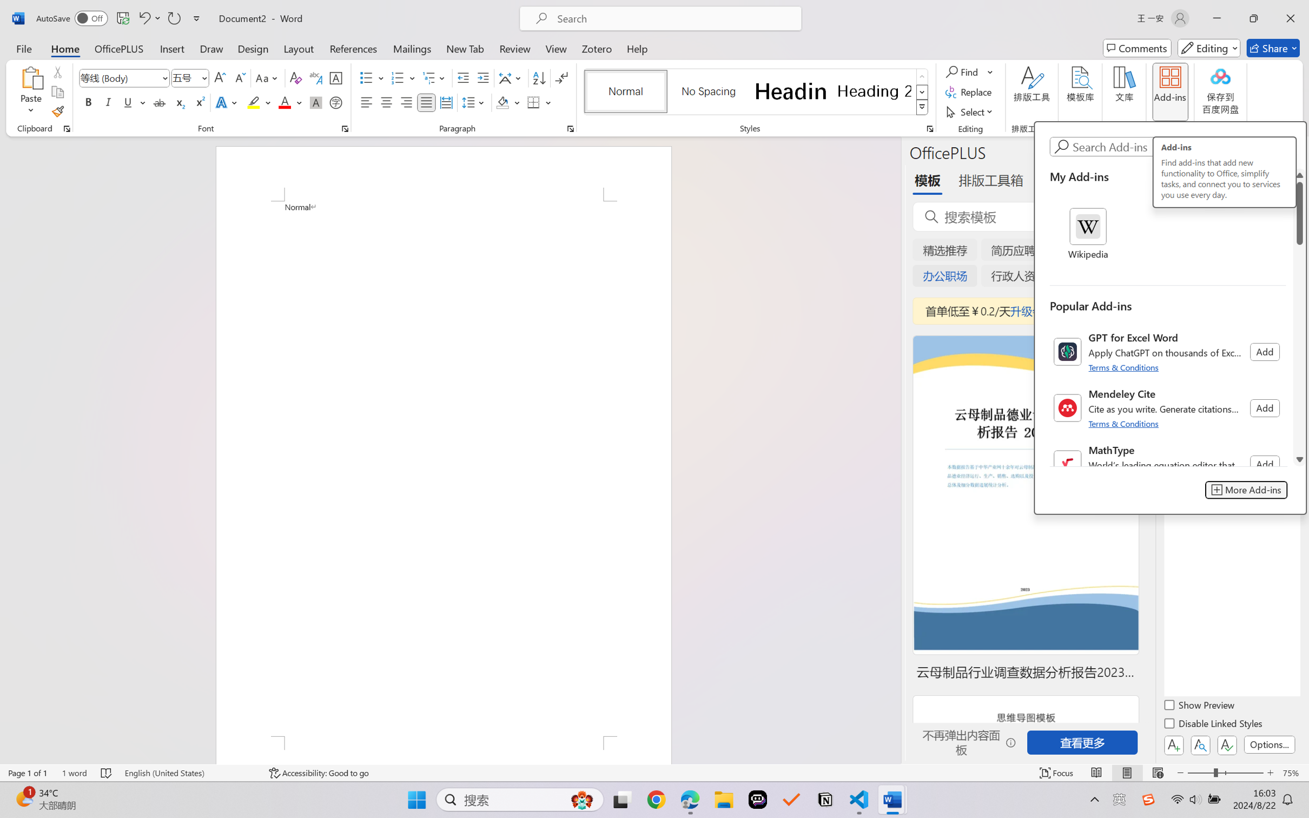 Image resolution: width=1309 pixels, height=818 pixels. I want to click on 'AutomationID: QuickStylesGallery', so click(756, 92).